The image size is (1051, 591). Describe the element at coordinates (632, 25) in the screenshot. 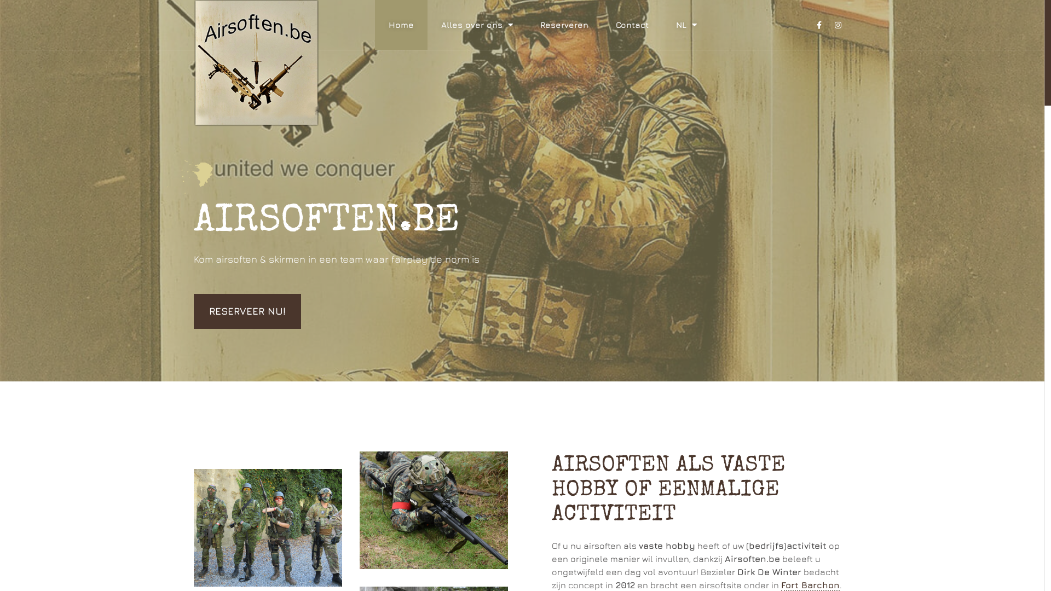

I see `'Contact'` at that location.